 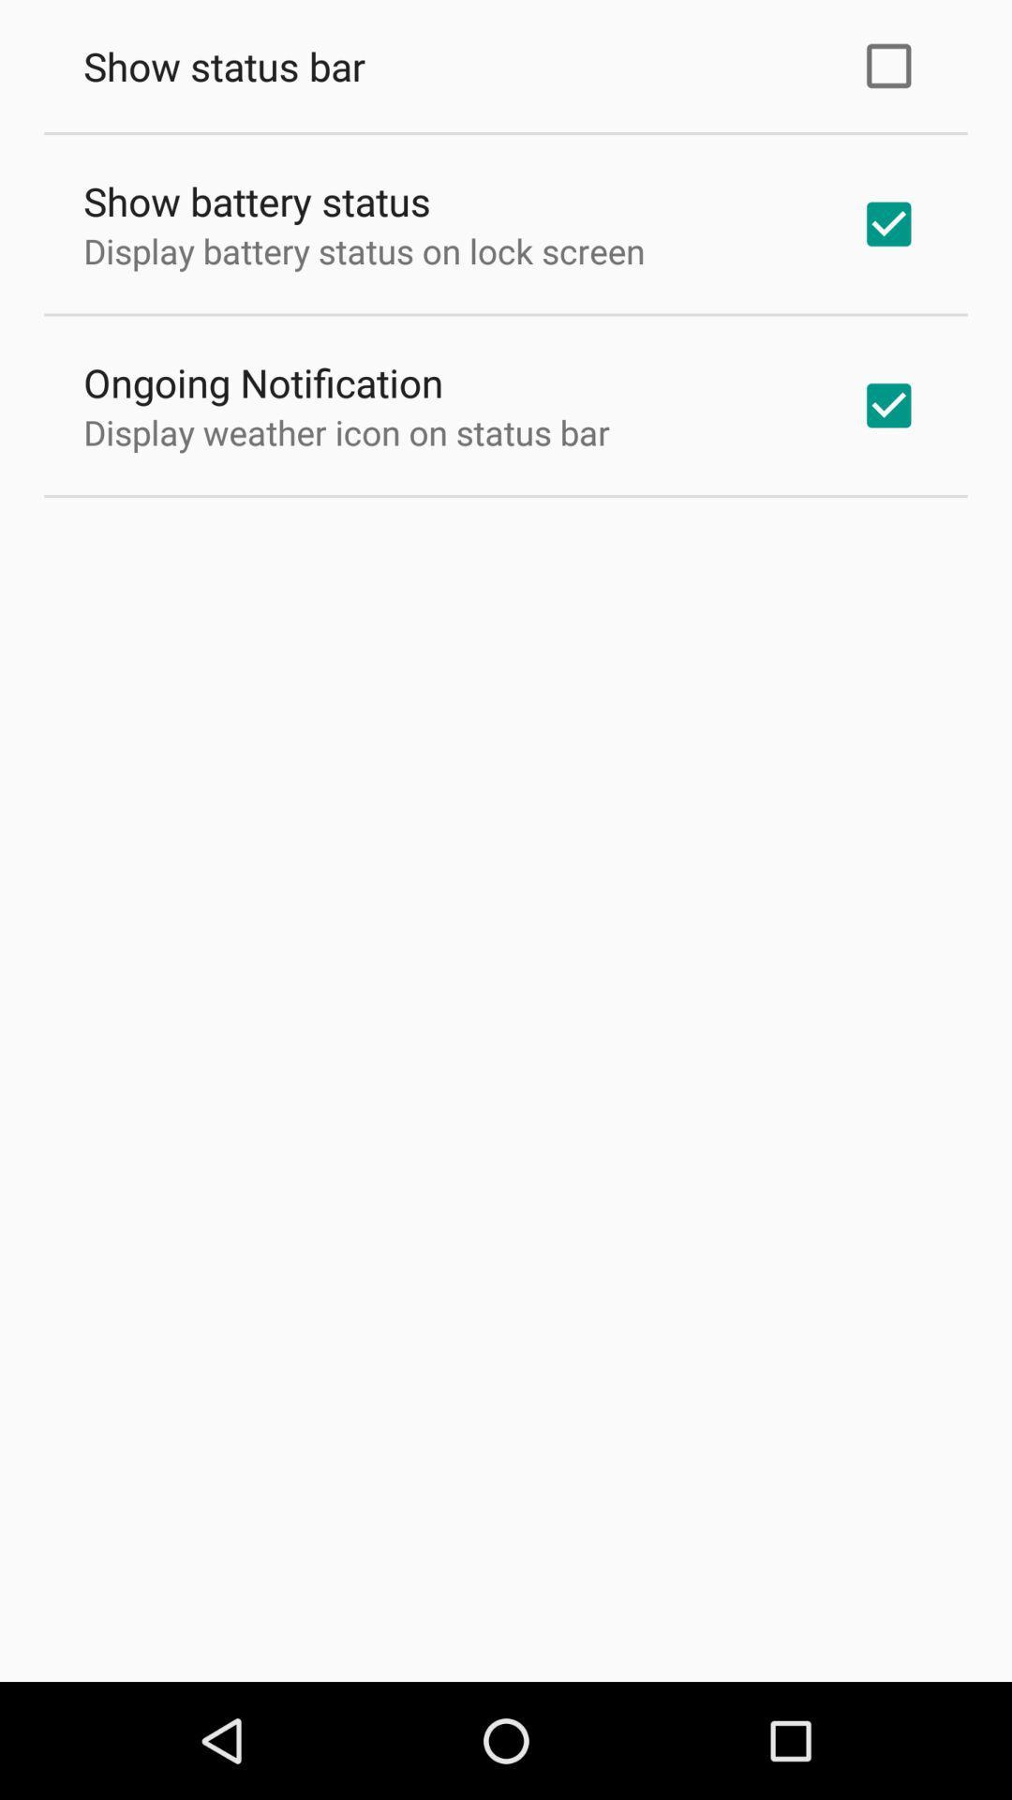 What do you see at coordinates (263, 382) in the screenshot?
I see `the app below display battery status app` at bounding box center [263, 382].